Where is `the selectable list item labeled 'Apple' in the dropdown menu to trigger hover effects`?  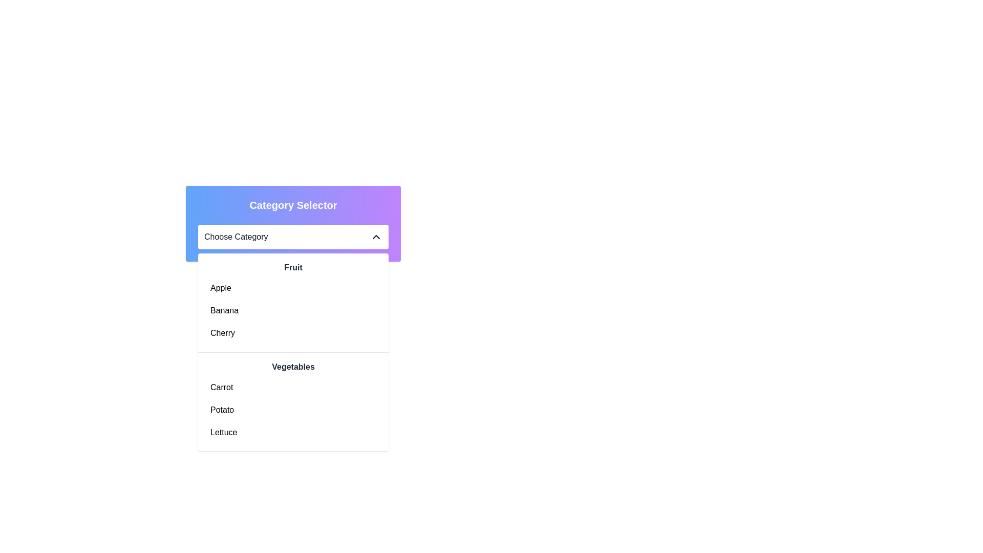 the selectable list item labeled 'Apple' in the dropdown menu to trigger hover effects is located at coordinates (292, 288).